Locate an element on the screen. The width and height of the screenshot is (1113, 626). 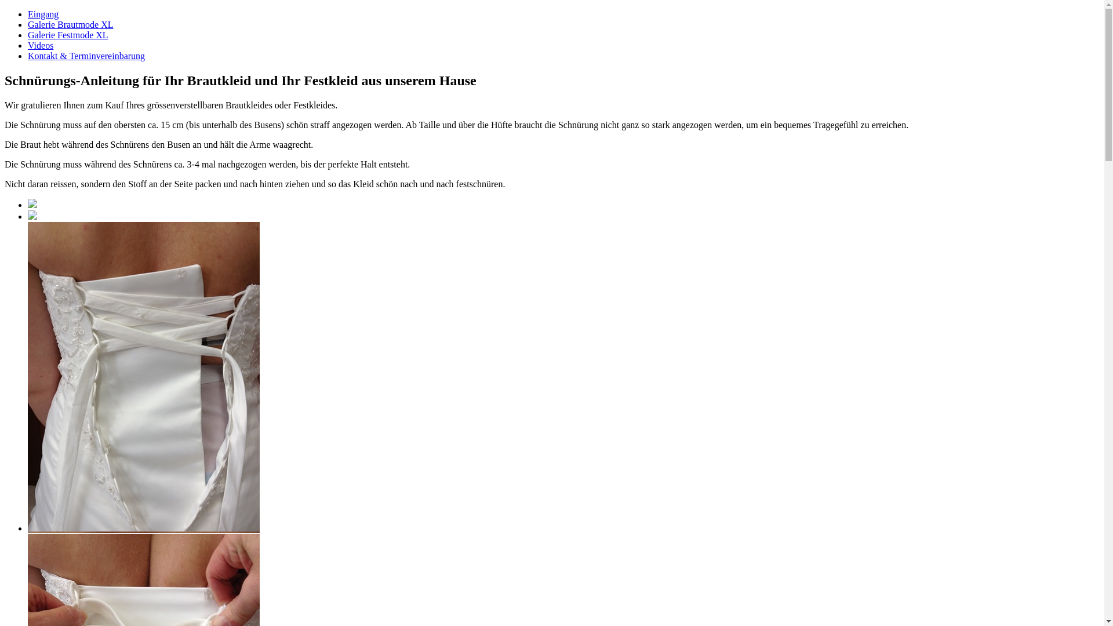
'Videos' is located at coordinates (41, 45).